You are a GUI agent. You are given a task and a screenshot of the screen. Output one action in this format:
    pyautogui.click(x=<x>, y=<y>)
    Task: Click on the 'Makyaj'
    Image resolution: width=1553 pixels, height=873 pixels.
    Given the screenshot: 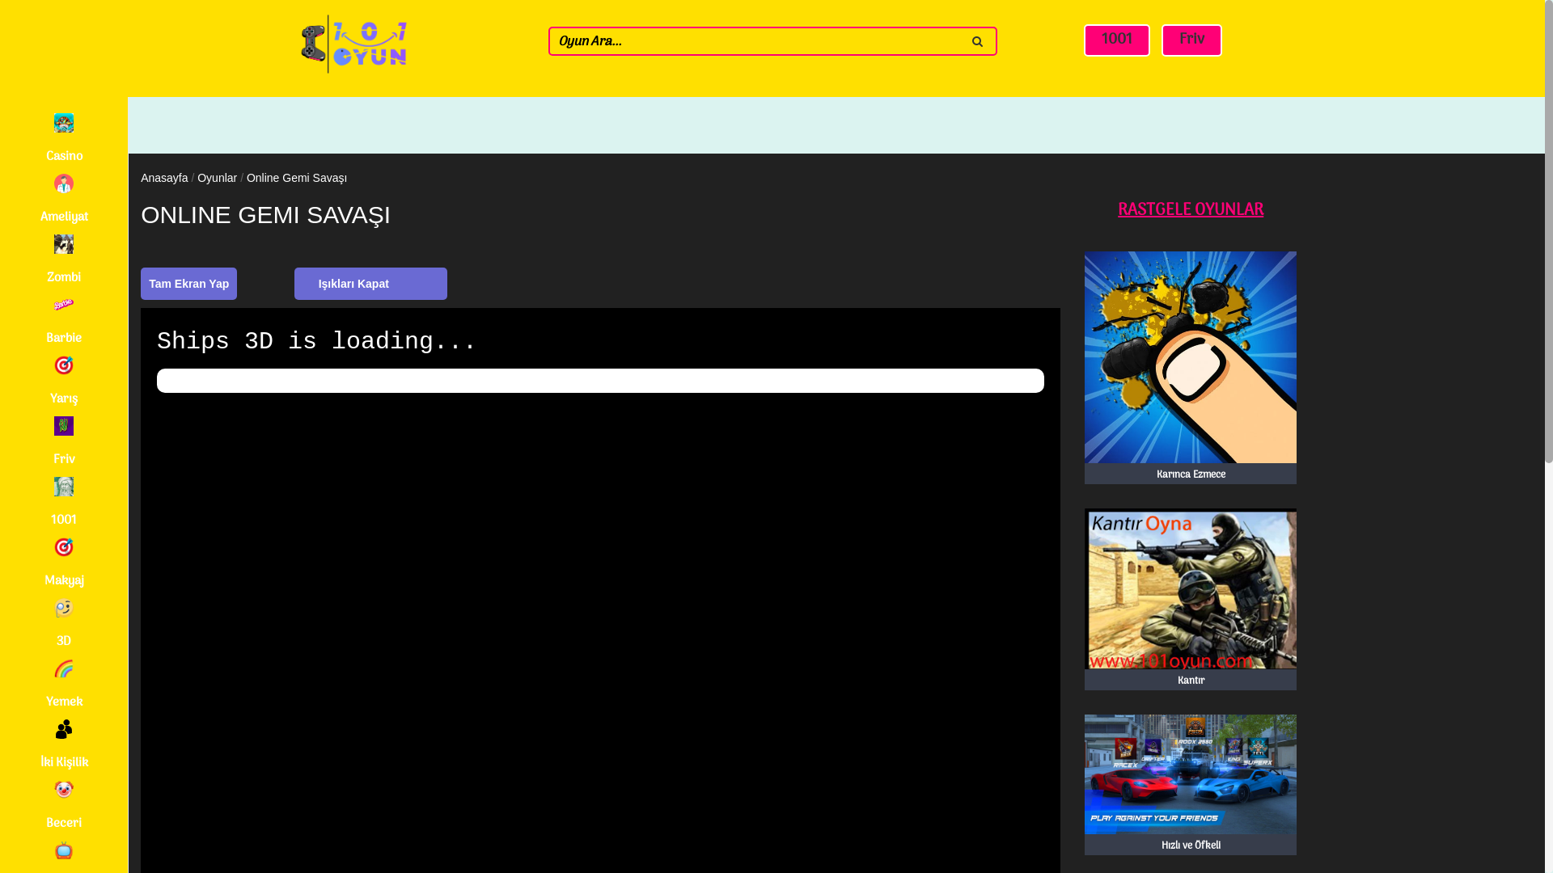 What is the action you would take?
    pyautogui.click(x=63, y=563)
    